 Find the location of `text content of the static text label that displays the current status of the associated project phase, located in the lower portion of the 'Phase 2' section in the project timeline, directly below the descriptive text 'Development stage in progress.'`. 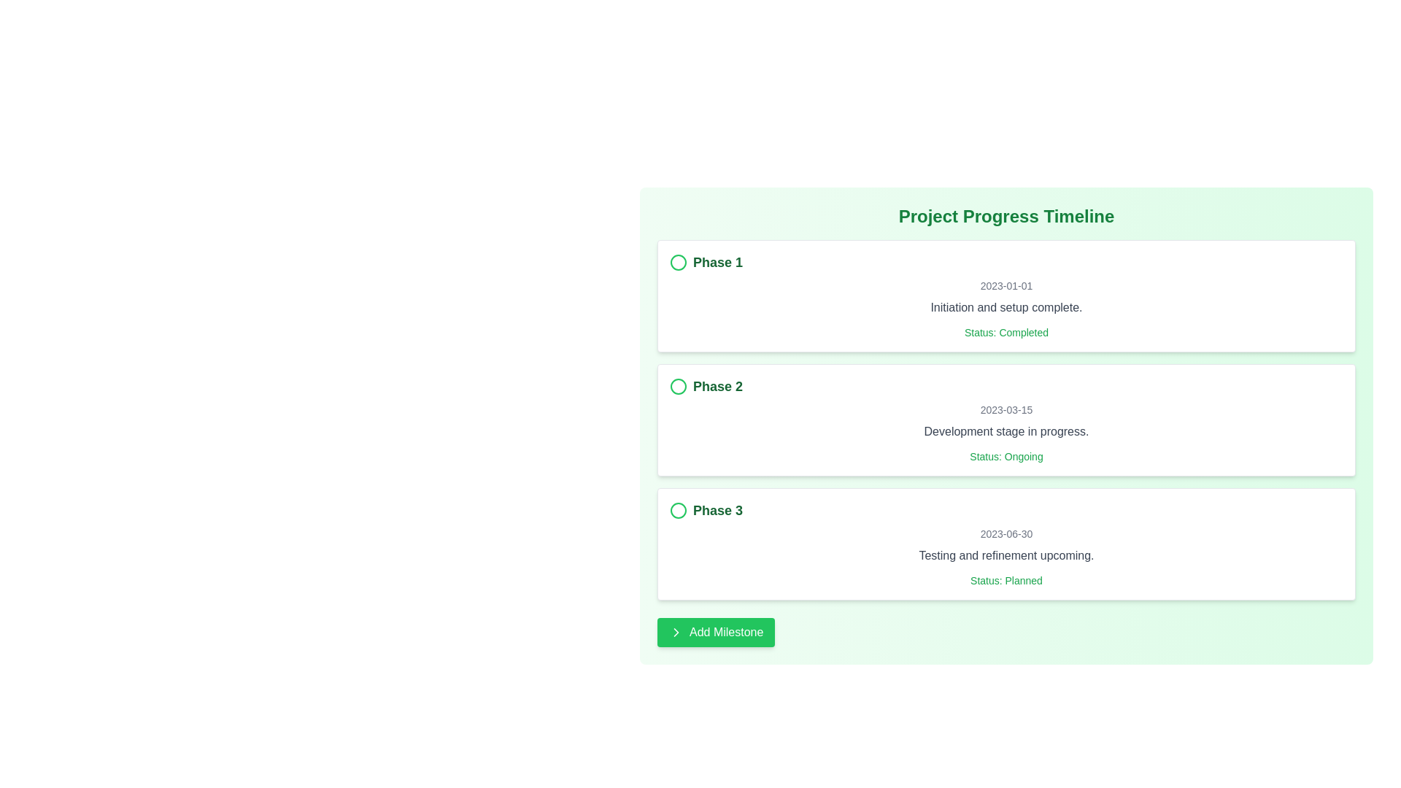

text content of the static text label that displays the current status of the associated project phase, located in the lower portion of the 'Phase 2' section in the project timeline, directly below the descriptive text 'Development stage in progress.' is located at coordinates (1006, 455).